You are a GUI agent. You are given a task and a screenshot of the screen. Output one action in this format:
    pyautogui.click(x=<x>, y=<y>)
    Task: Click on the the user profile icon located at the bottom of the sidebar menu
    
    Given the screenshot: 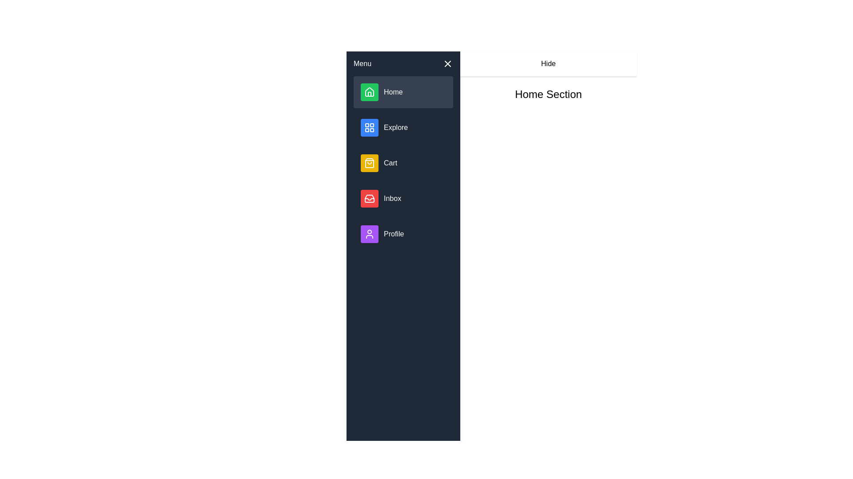 What is the action you would take?
    pyautogui.click(x=369, y=234)
    